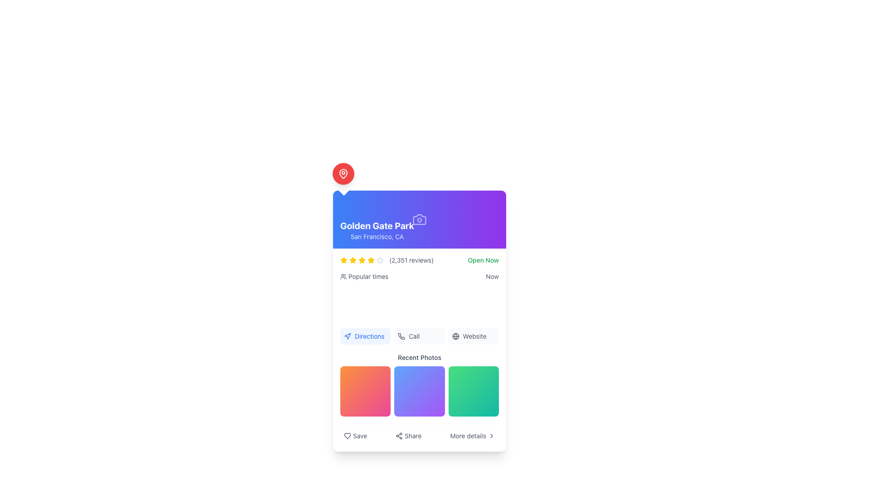 This screenshot has width=870, height=489. I want to click on the first star icon in the rating system located below the title 'Golden Gate Park, San Francisco, CA' to indirectly participate in the rating system, so click(352, 260).